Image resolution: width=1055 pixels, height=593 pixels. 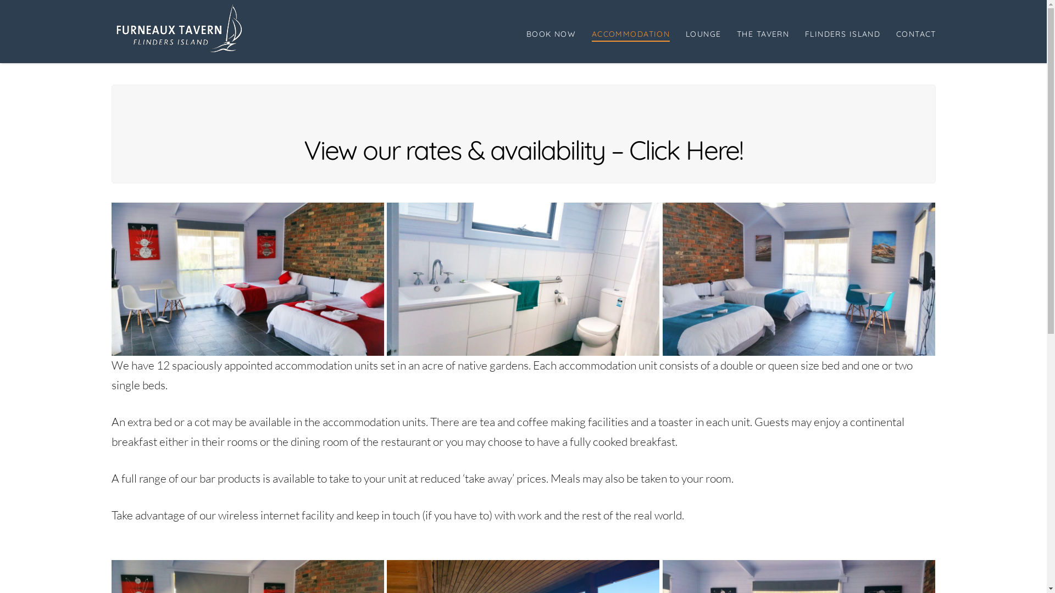 What do you see at coordinates (841, 31) in the screenshot?
I see `'FLINDERS ISLAND'` at bounding box center [841, 31].